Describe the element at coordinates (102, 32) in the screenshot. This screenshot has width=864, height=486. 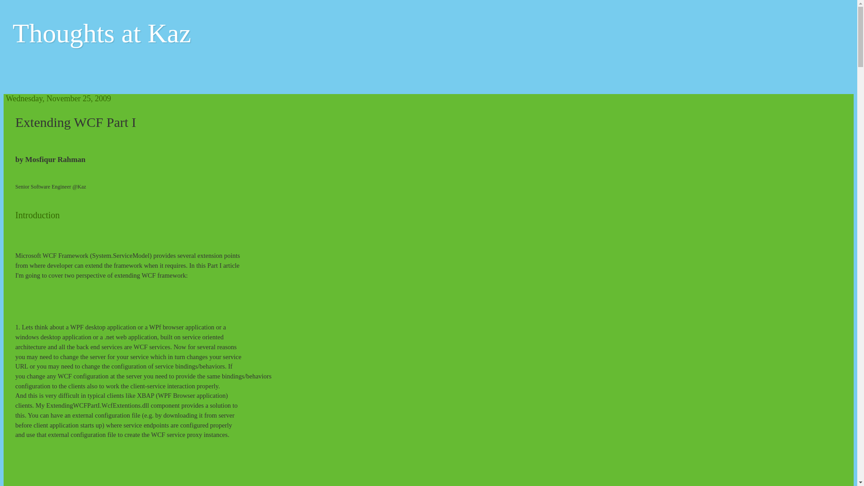
I see `'Thoughts at Kaz'` at that location.